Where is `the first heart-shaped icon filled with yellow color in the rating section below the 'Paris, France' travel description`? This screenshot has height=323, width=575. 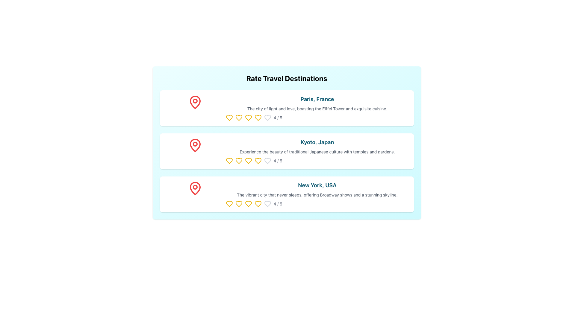
the first heart-shaped icon filled with yellow color in the rating section below the 'Paris, France' travel description is located at coordinates (229, 118).